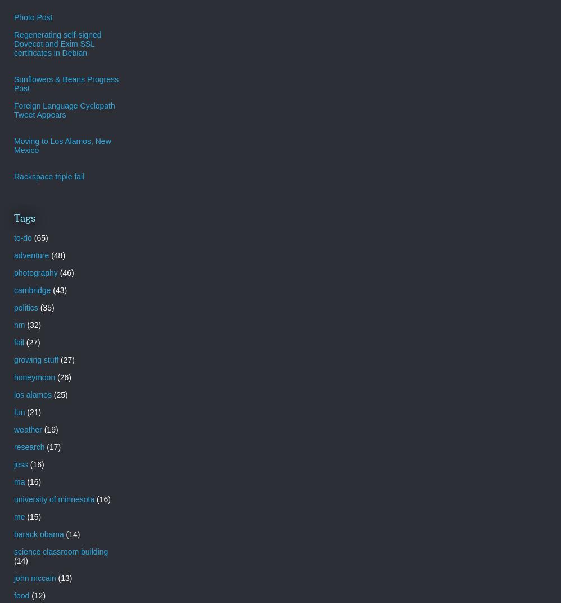  What do you see at coordinates (62, 145) in the screenshot?
I see `'Moving to Los Alamos, New Mexico'` at bounding box center [62, 145].